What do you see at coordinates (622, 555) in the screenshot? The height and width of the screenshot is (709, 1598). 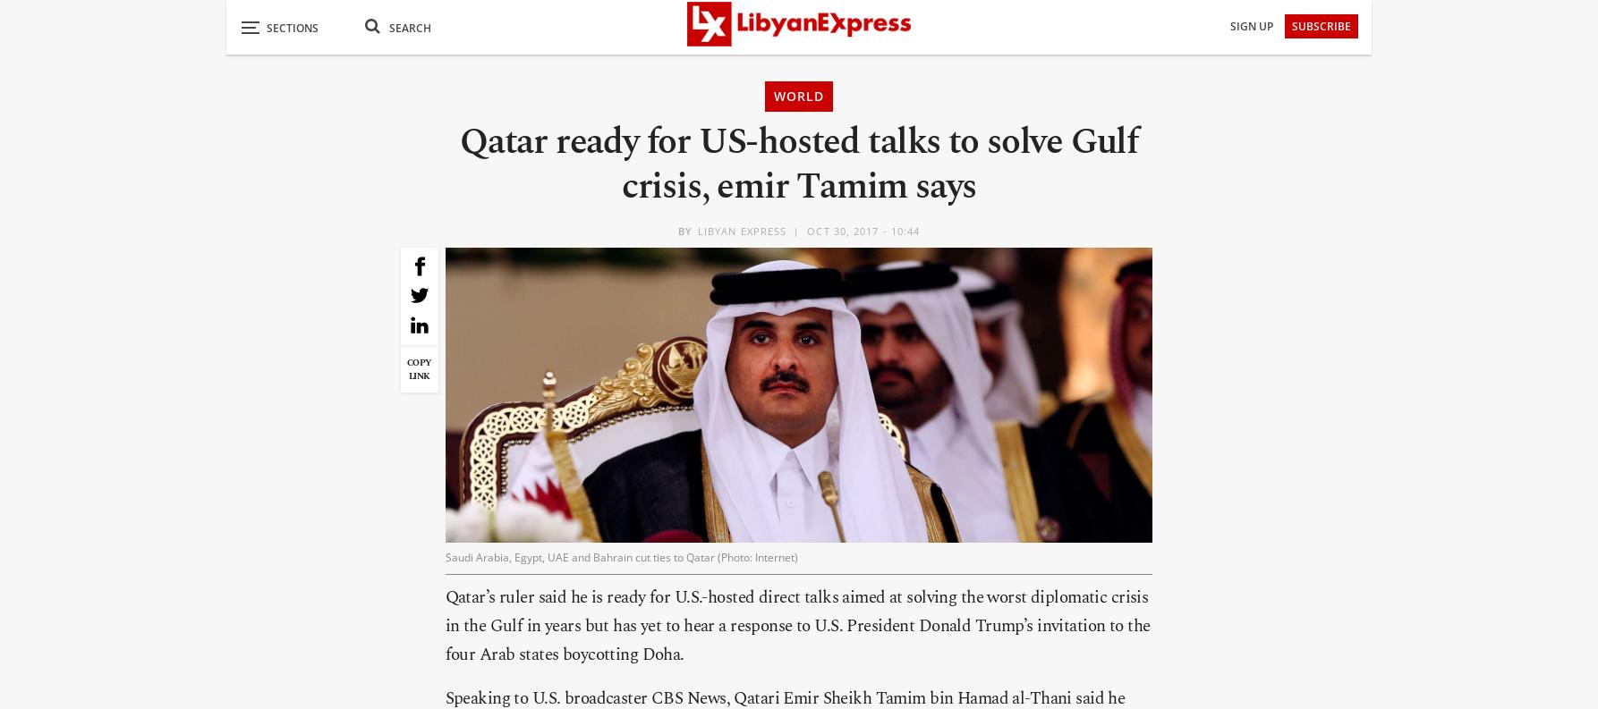 I see `'Saudi Arabia, Egypt, UAE and Bahrain cut ties to Qatar (Photo: Internet)'` at bounding box center [622, 555].